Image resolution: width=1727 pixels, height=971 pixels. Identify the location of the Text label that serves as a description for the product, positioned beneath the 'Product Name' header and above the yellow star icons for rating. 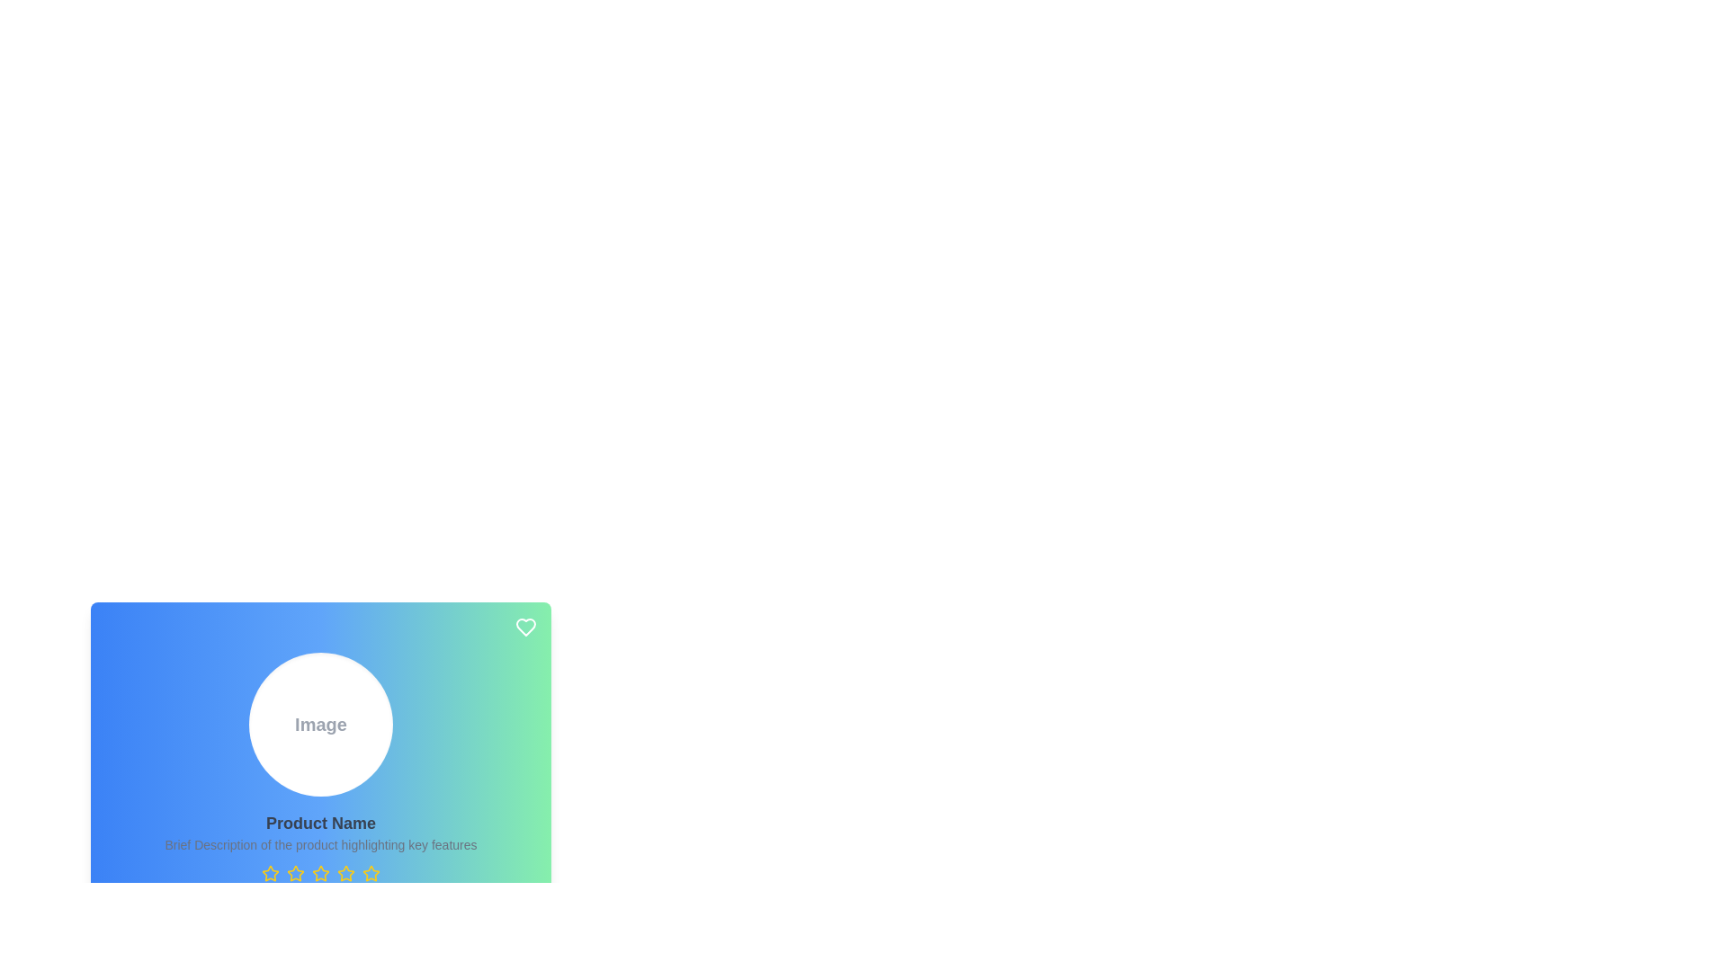
(320, 845).